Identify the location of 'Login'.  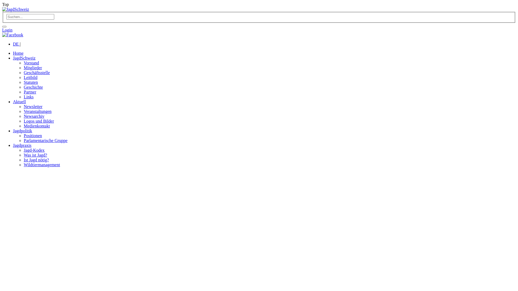
(7, 30).